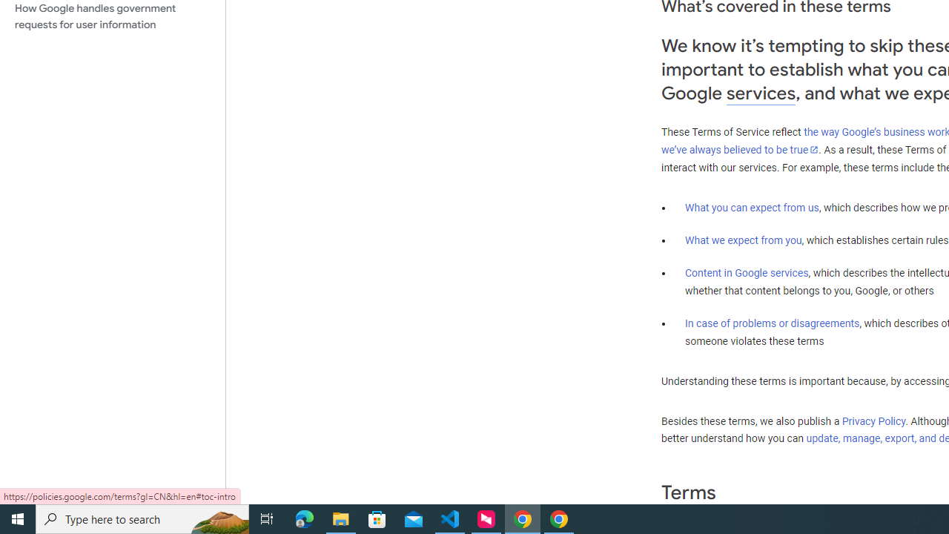 The width and height of the screenshot is (949, 534). I want to click on 'services', so click(761, 93).